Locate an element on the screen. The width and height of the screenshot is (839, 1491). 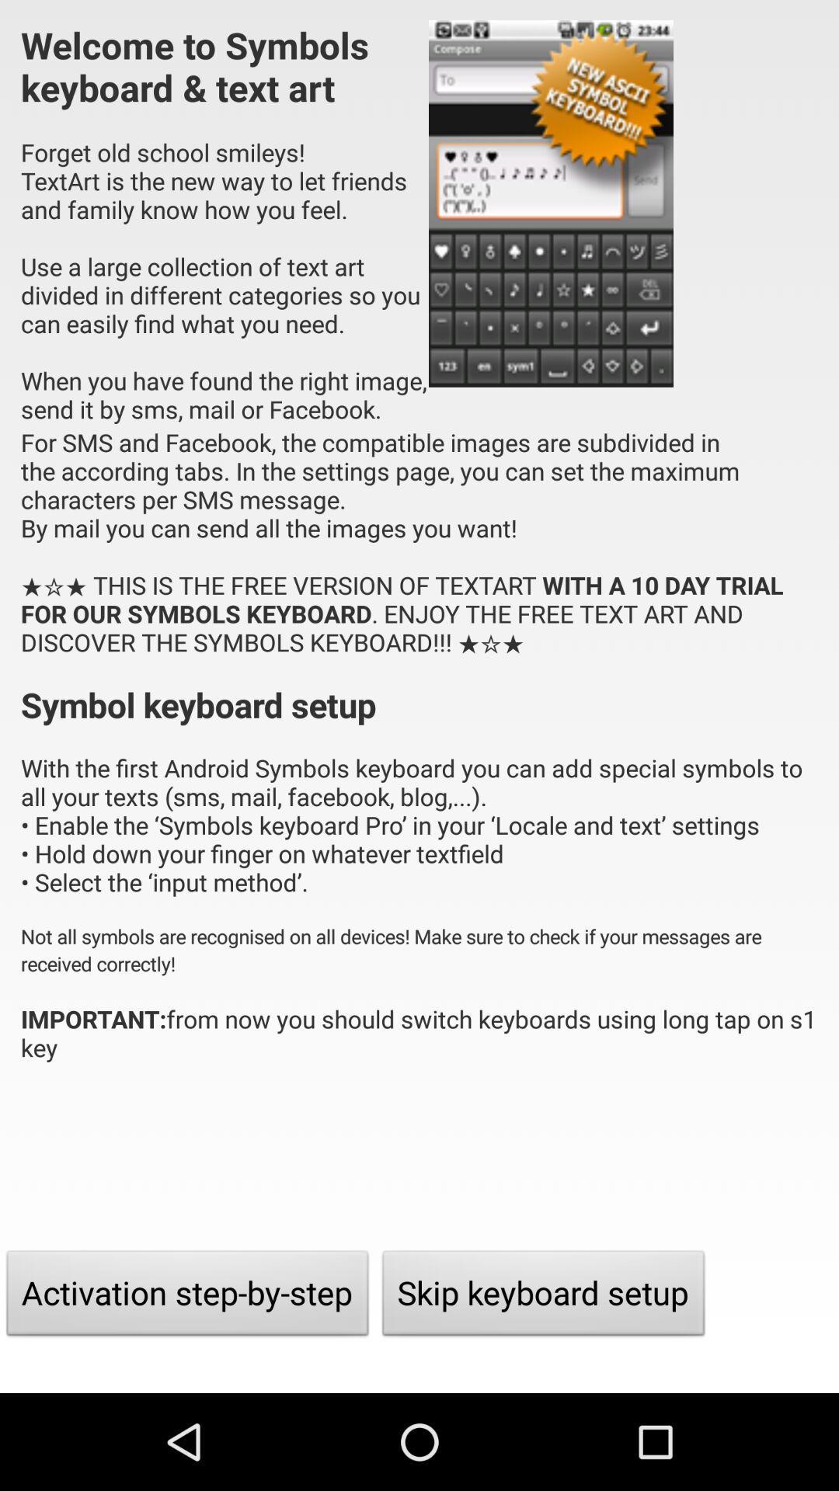
the skip keyboard setup is located at coordinates (543, 1297).